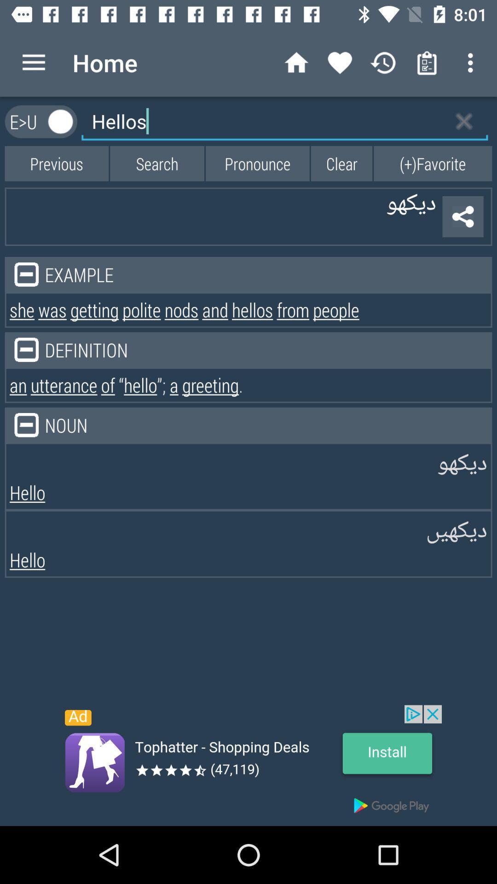 The width and height of the screenshot is (497, 884). Describe the element at coordinates (341, 163) in the screenshot. I see `the button which is next to the pronounce` at that location.